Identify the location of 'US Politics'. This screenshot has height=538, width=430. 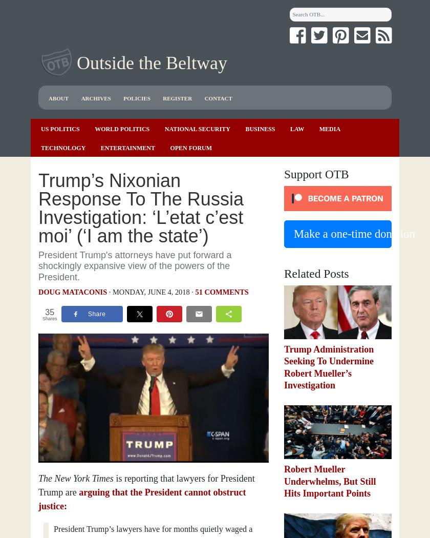
(60, 128).